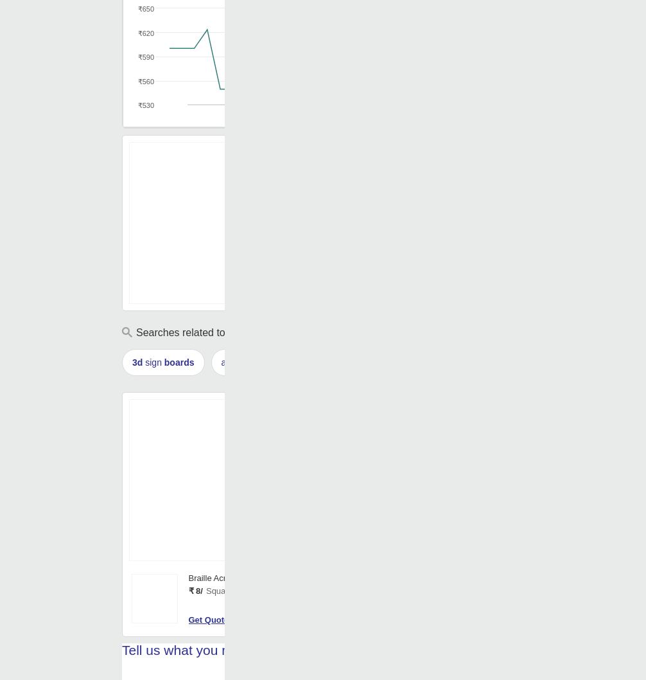  Describe the element at coordinates (315, 458) in the screenshot. I see `'Color'` at that location.